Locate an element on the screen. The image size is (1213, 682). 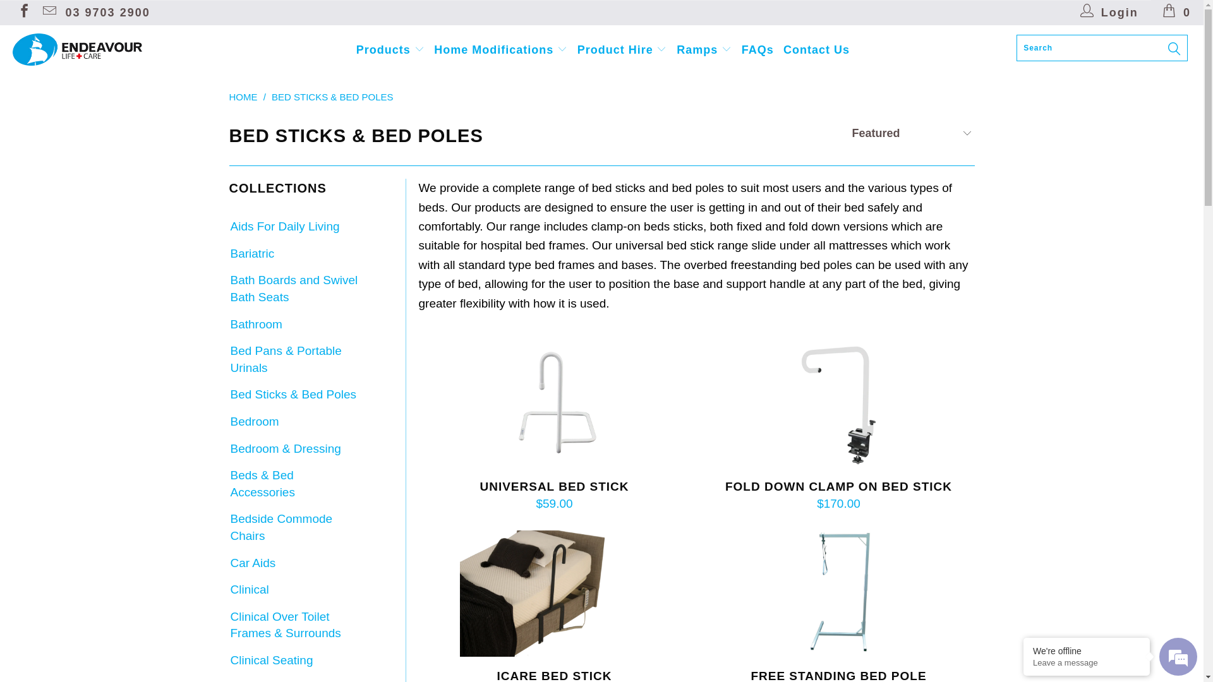
'HOME' is located at coordinates (243, 96).